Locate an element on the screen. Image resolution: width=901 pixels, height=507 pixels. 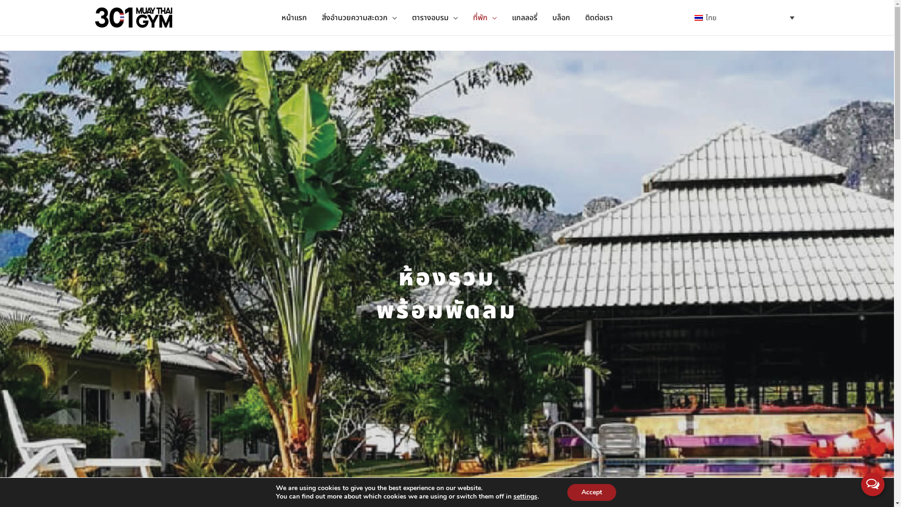
'Accept' is located at coordinates (591, 492).